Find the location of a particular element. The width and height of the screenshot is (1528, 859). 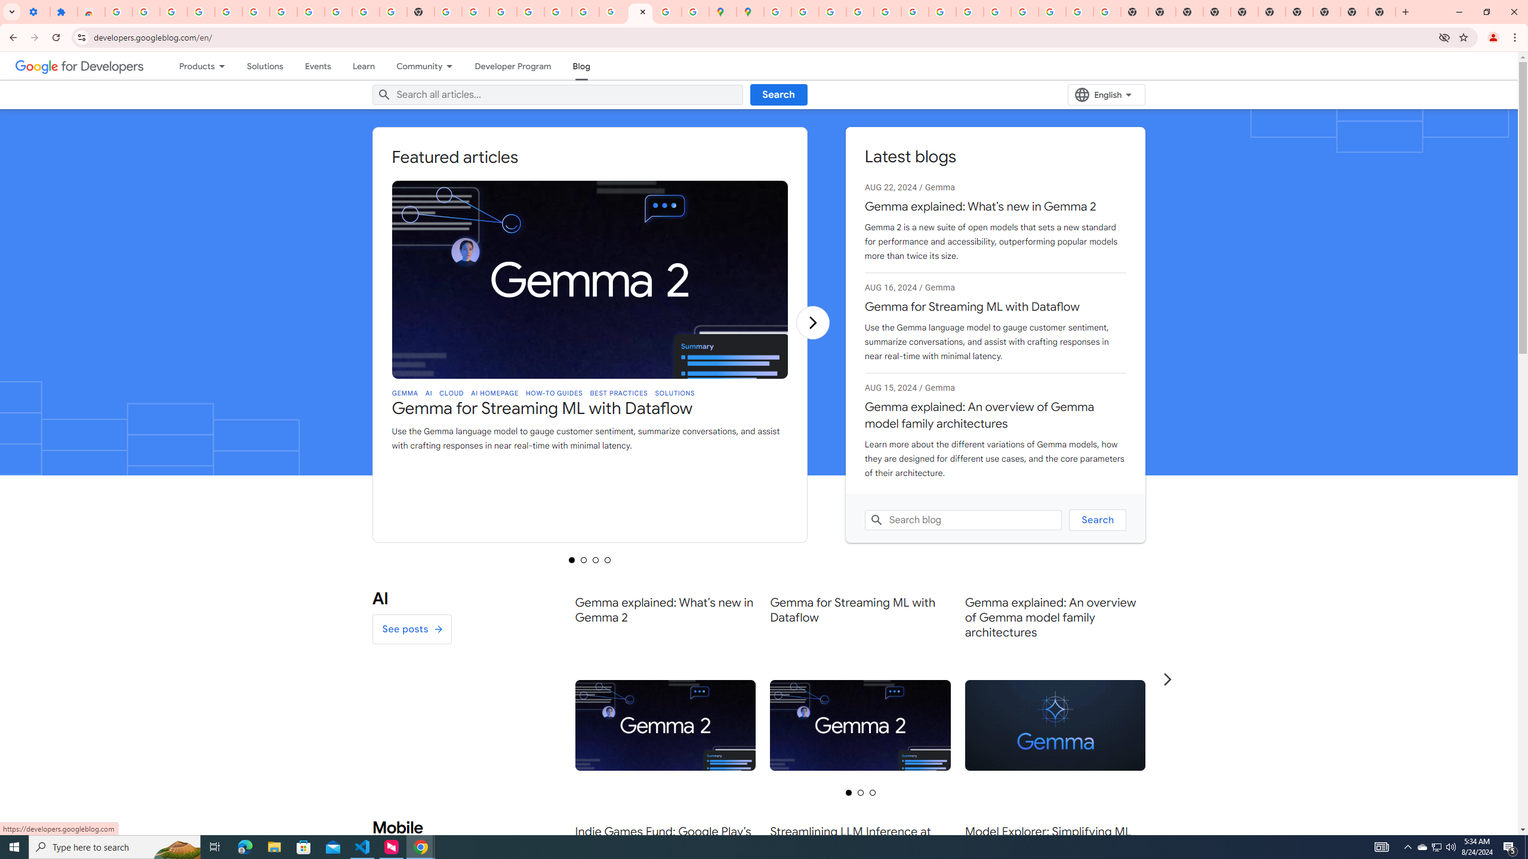

'Google for Developers' is located at coordinates (79, 66).